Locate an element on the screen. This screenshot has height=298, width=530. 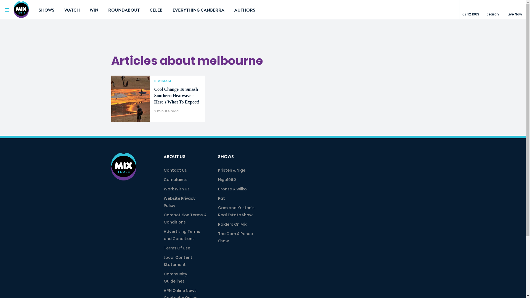
'Kristen & Nige' is located at coordinates (232, 170).